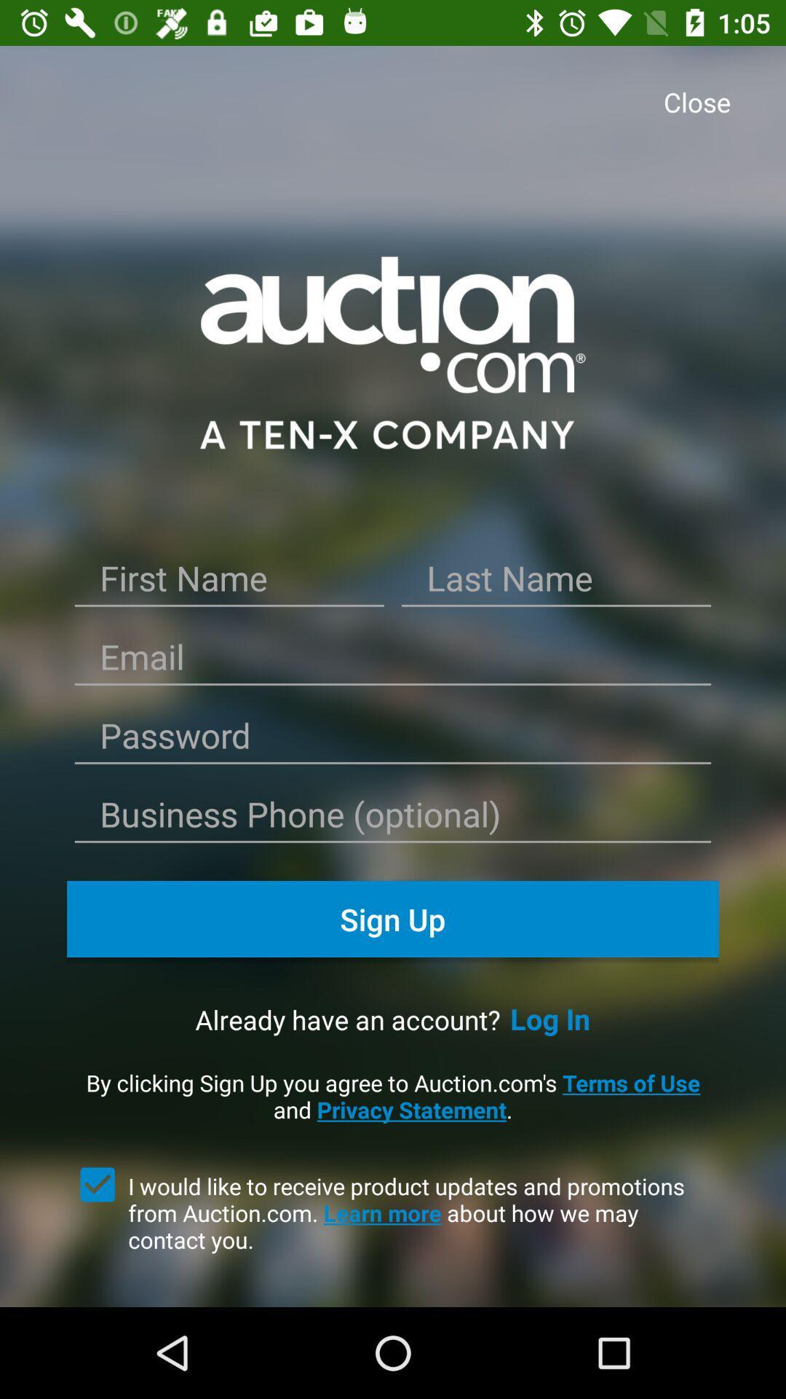 This screenshot has width=786, height=1399. Describe the element at coordinates (550, 1018) in the screenshot. I see `the log in` at that location.